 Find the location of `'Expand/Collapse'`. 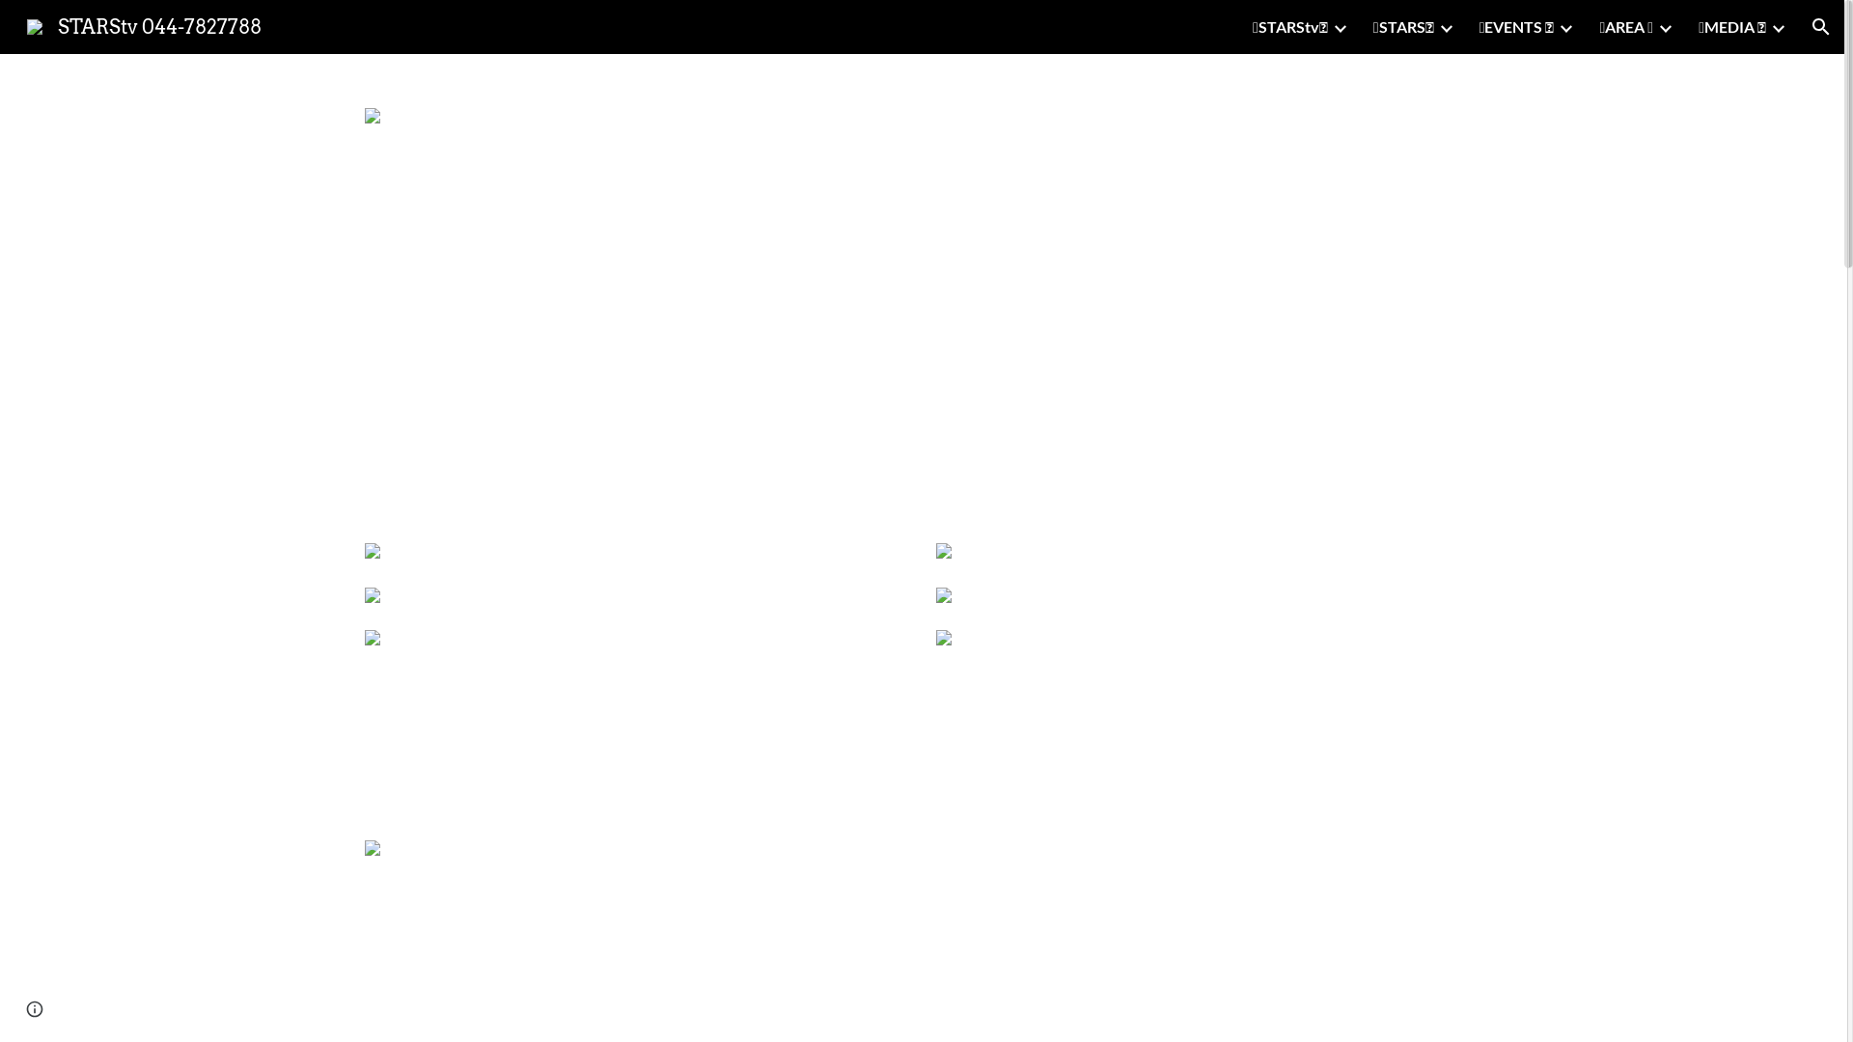

'Expand/Collapse' is located at coordinates (1769, 26).